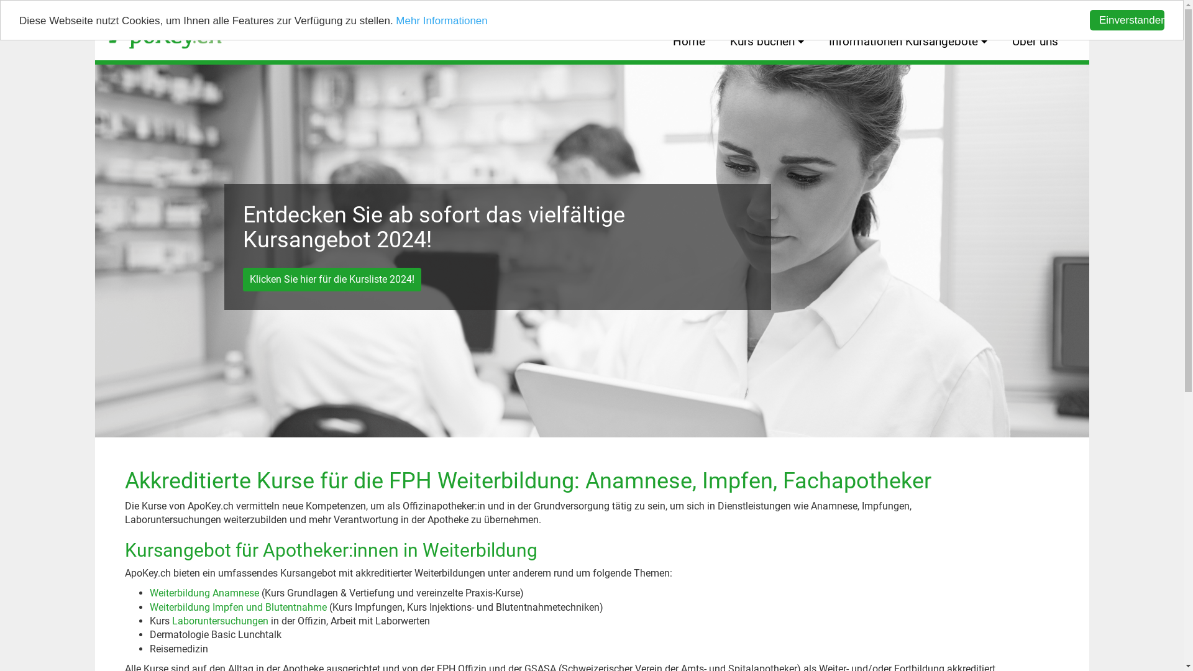 The width and height of the screenshot is (1193, 671). I want to click on 'Weiterbildung Impfen und Blutentnahme', so click(237, 606).